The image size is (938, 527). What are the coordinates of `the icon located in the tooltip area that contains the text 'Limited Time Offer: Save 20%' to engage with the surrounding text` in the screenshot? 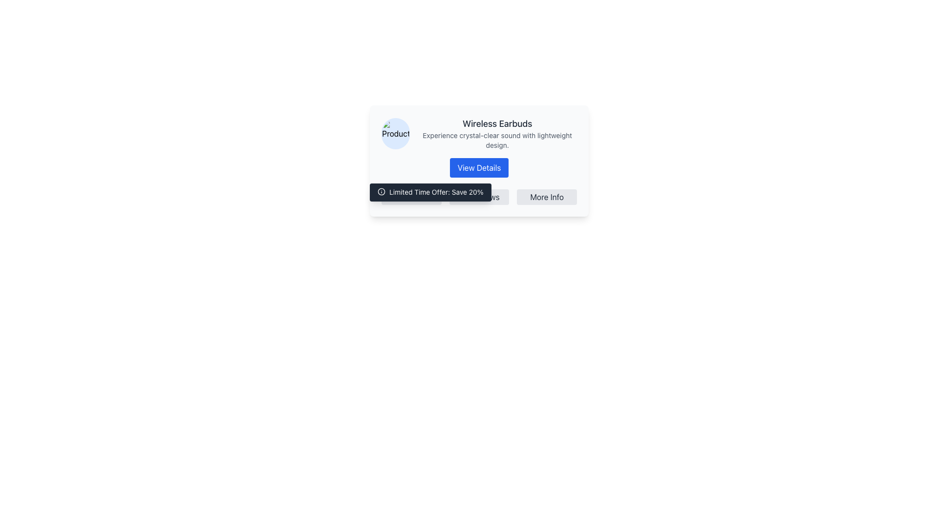 It's located at (462, 196).